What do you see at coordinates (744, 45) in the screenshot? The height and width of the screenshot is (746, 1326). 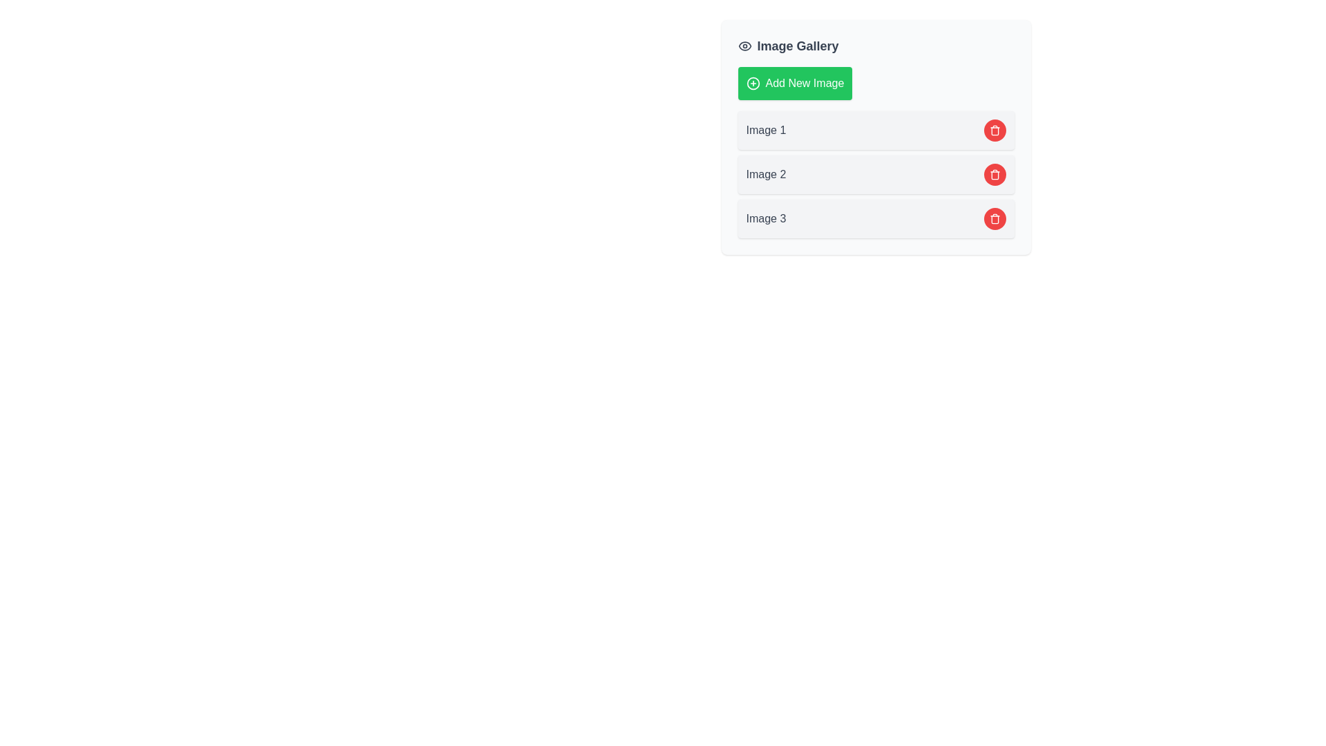 I see `the outer arched stroke of the eye icon located at the top left corner of the 'Image Gallery' widget` at bounding box center [744, 45].